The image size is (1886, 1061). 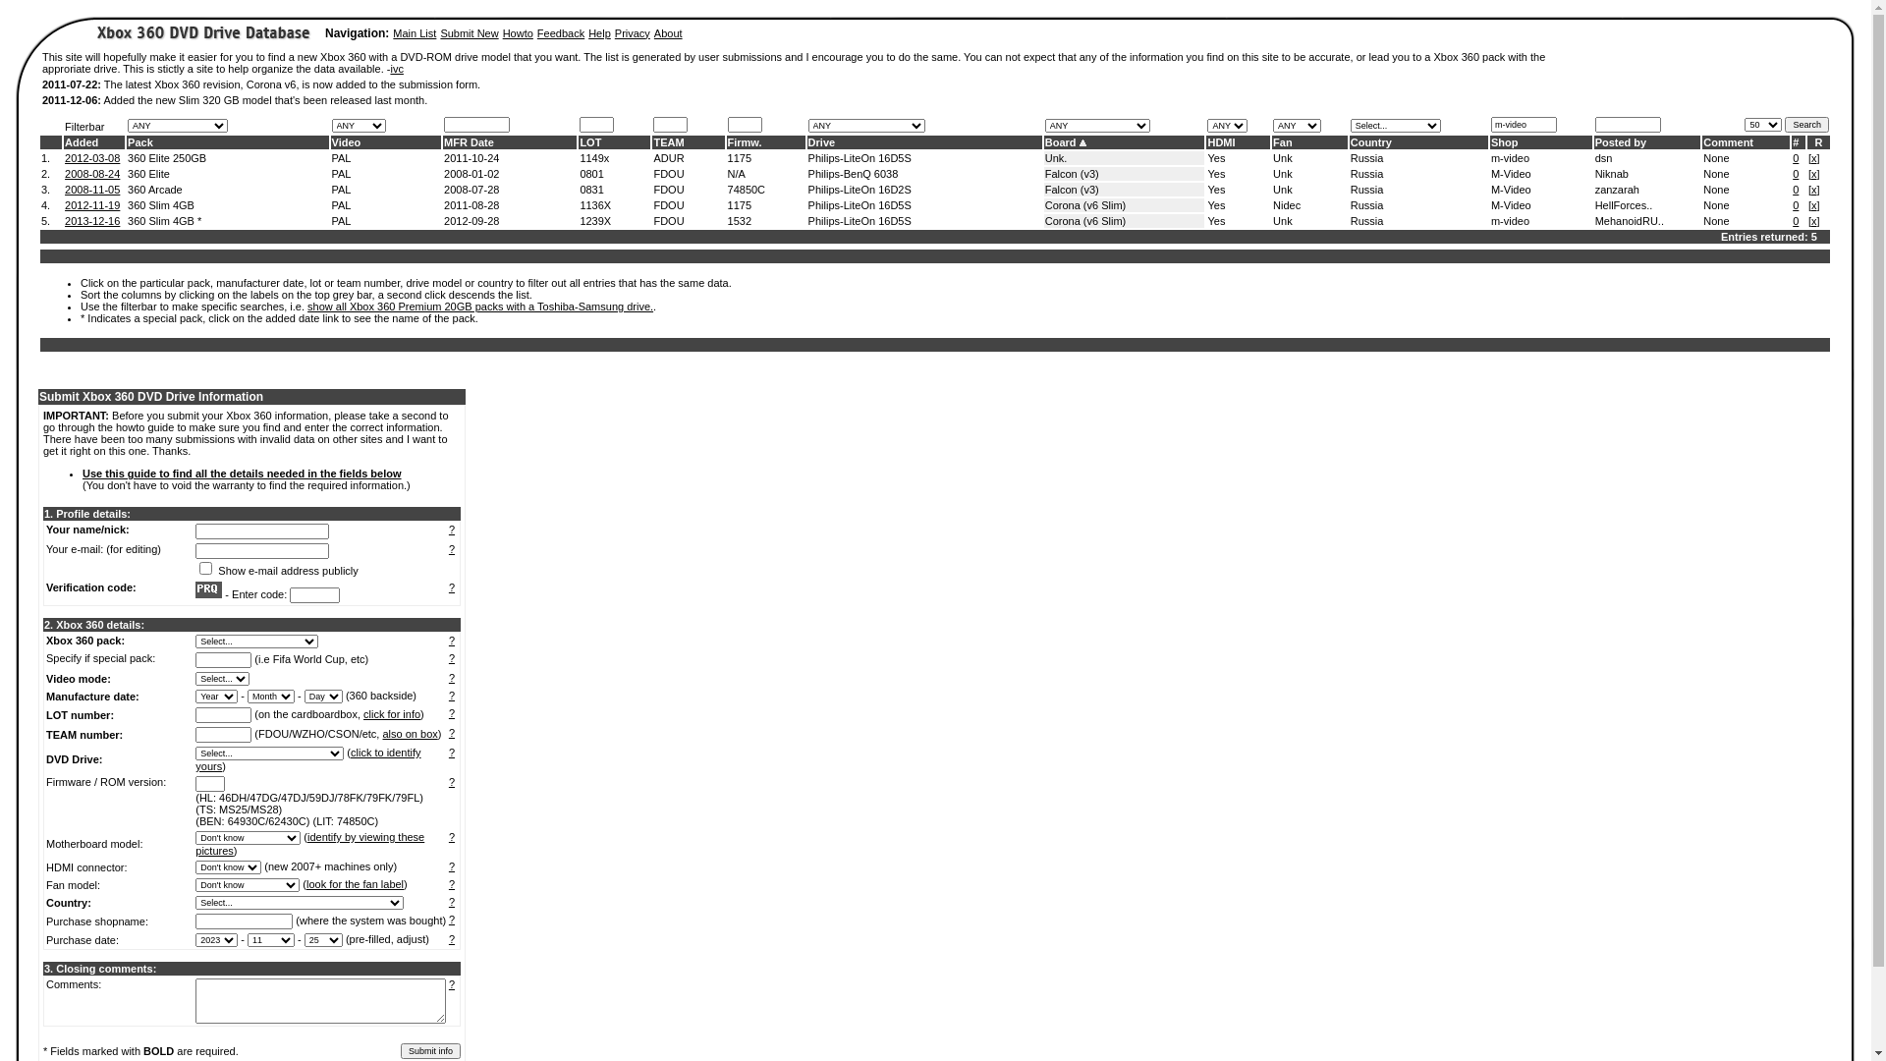 What do you see at coordinates (560, 33) in the screenshot?
I see `'Feedback'` at bounding box center [560, 33].